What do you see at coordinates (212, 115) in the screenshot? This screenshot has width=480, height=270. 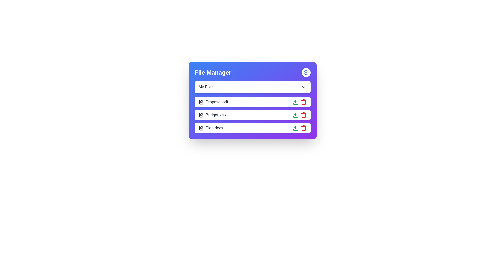 I see `the file entry labeled 'Budget.xlsx' with the accompanying document icon in the 'File Manager' section` at bounding box center [212, 115].